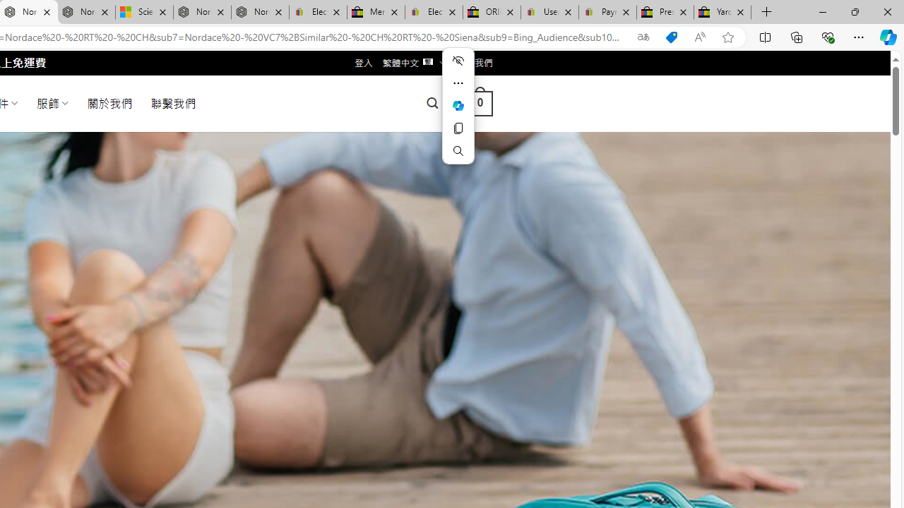 This screenshot has width=904, height=508. Describe the element at coordinates (671, 37) in the screenshot. I see `'This site has coupons! Shopping in Microsoft Edge'` at that location.